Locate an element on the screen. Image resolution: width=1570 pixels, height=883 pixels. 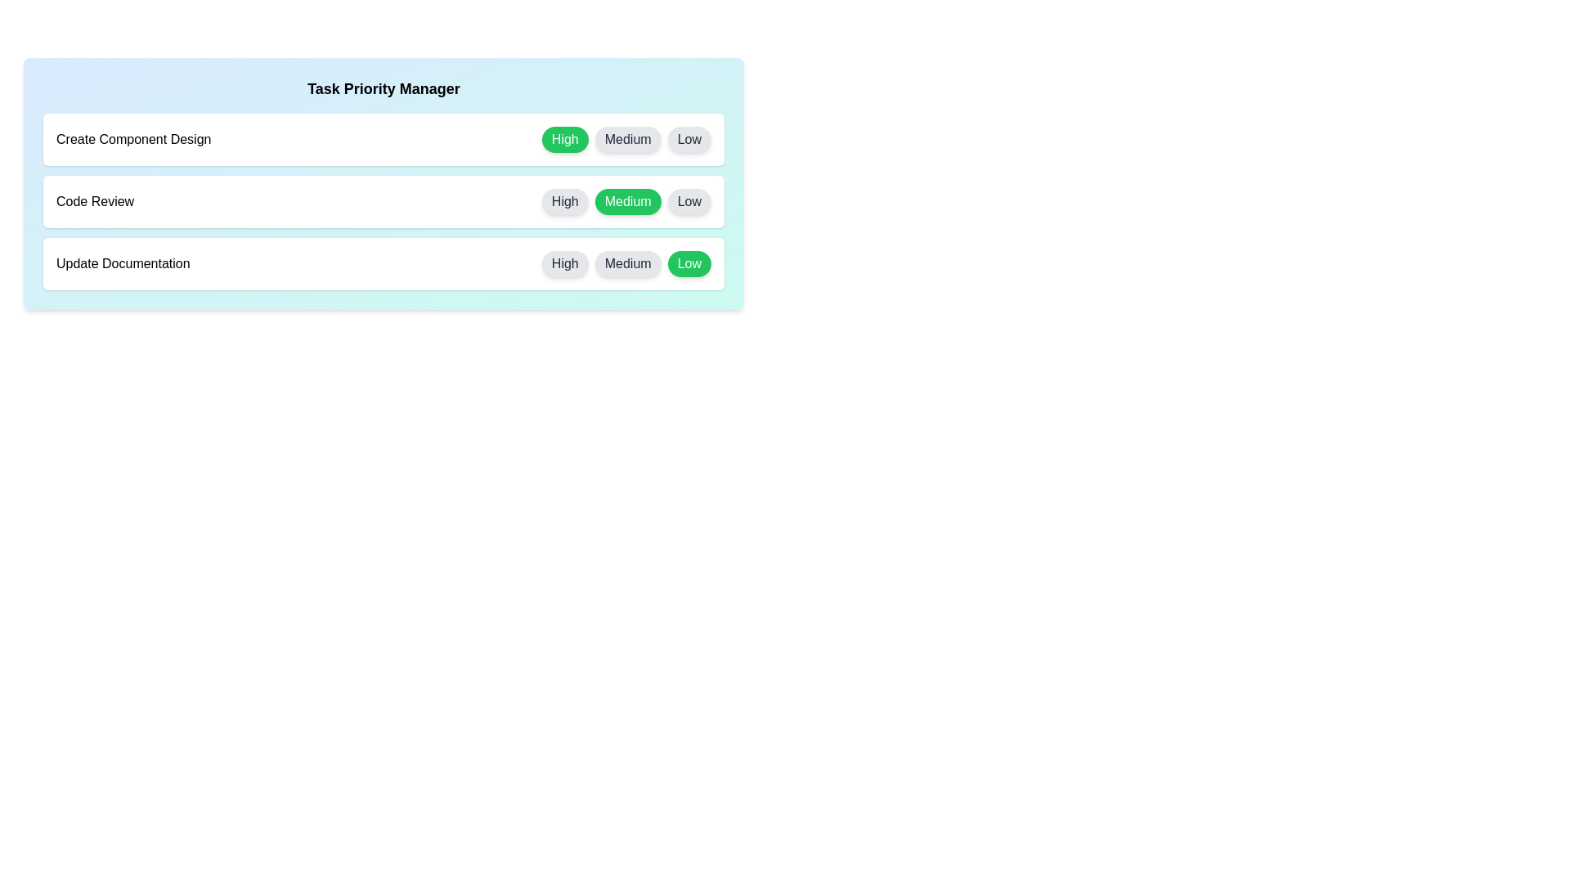
the priority button labeled Medium for the task Update Documentation is located at coordinates (627, 263).